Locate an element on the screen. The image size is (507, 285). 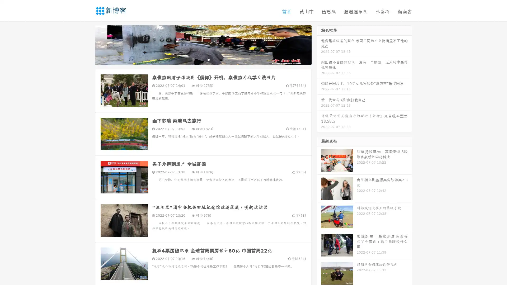
Previous slide is located at coordinates (87, 44).